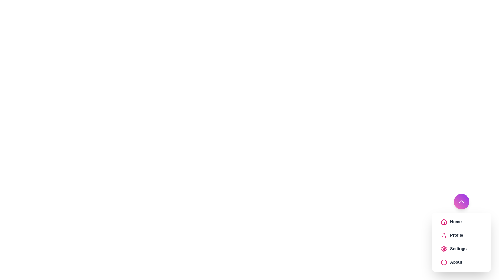 The height and width of the screenshot is (280, 499). I want to click on the menu item labeled About, so click(466, 262).